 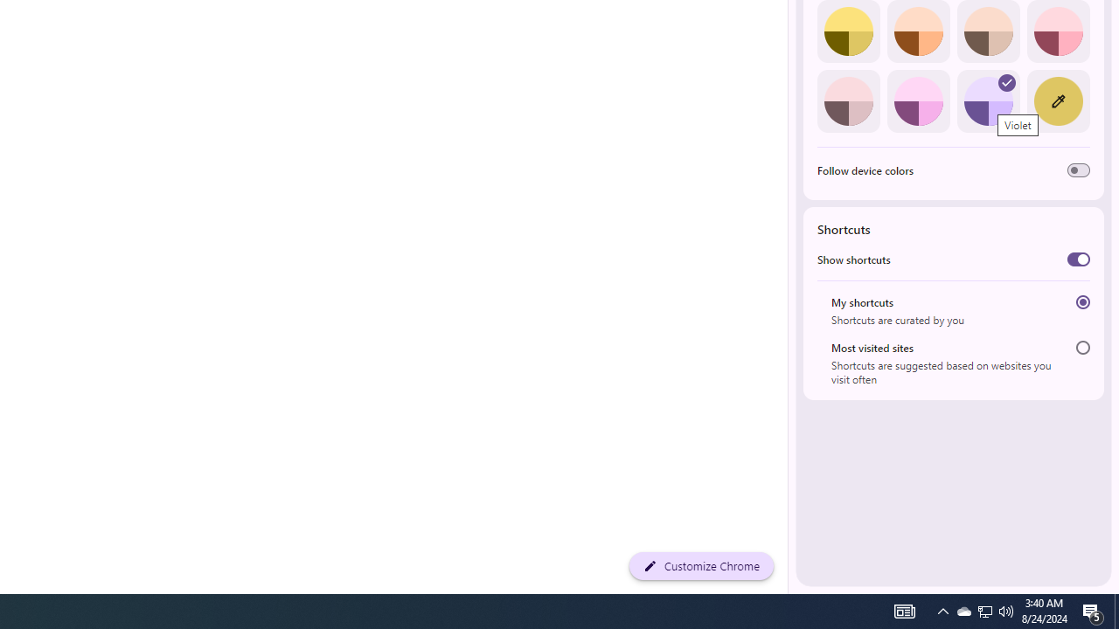 What do you see at coordinates (1057, 100) in the screenshot?
I see `'Custom color'` at bounding box center [1057, 100].